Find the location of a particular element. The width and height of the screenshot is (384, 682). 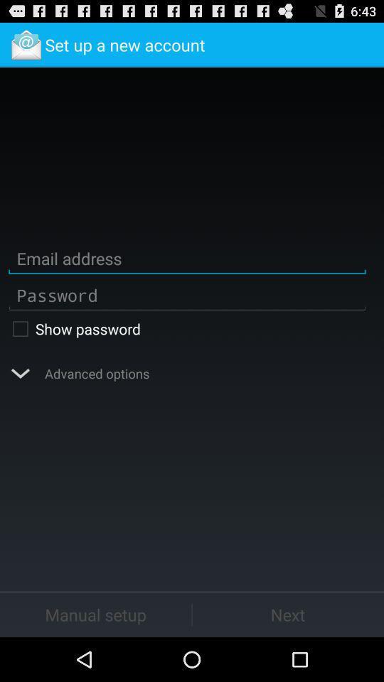

button at the bottom right corner is located at coordinates (288, 614).